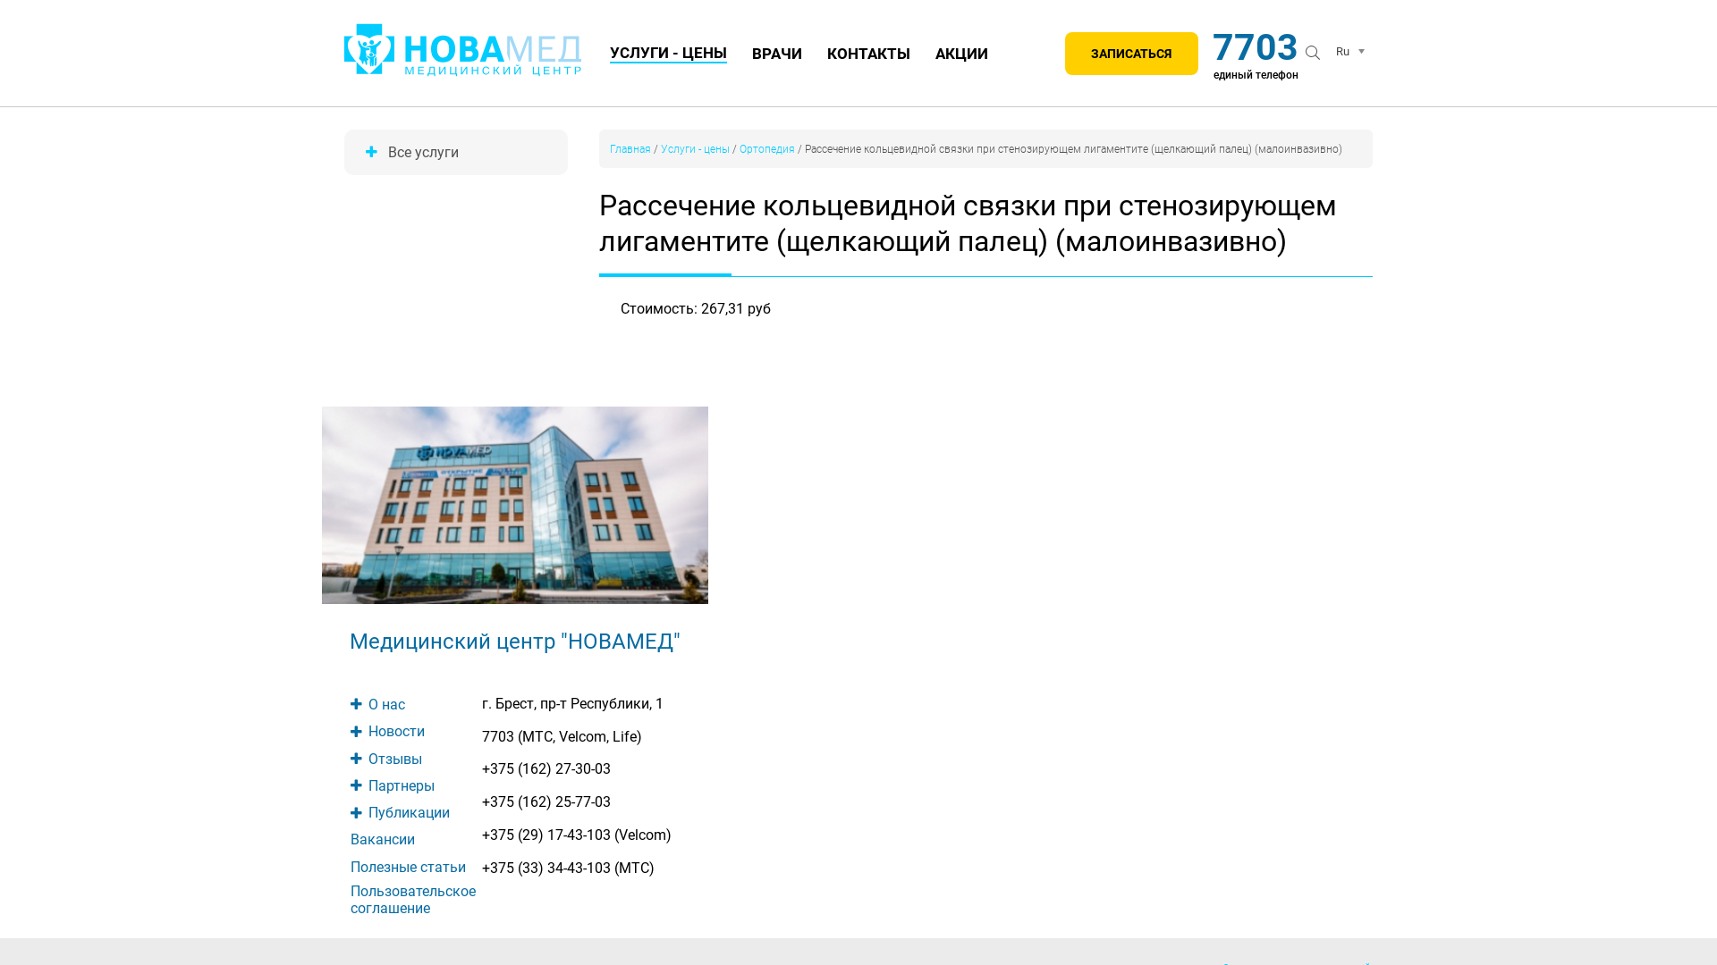 The height and width of the screenshot is (965, 1717). I want to click on 'Ru', so click(1348, 53).